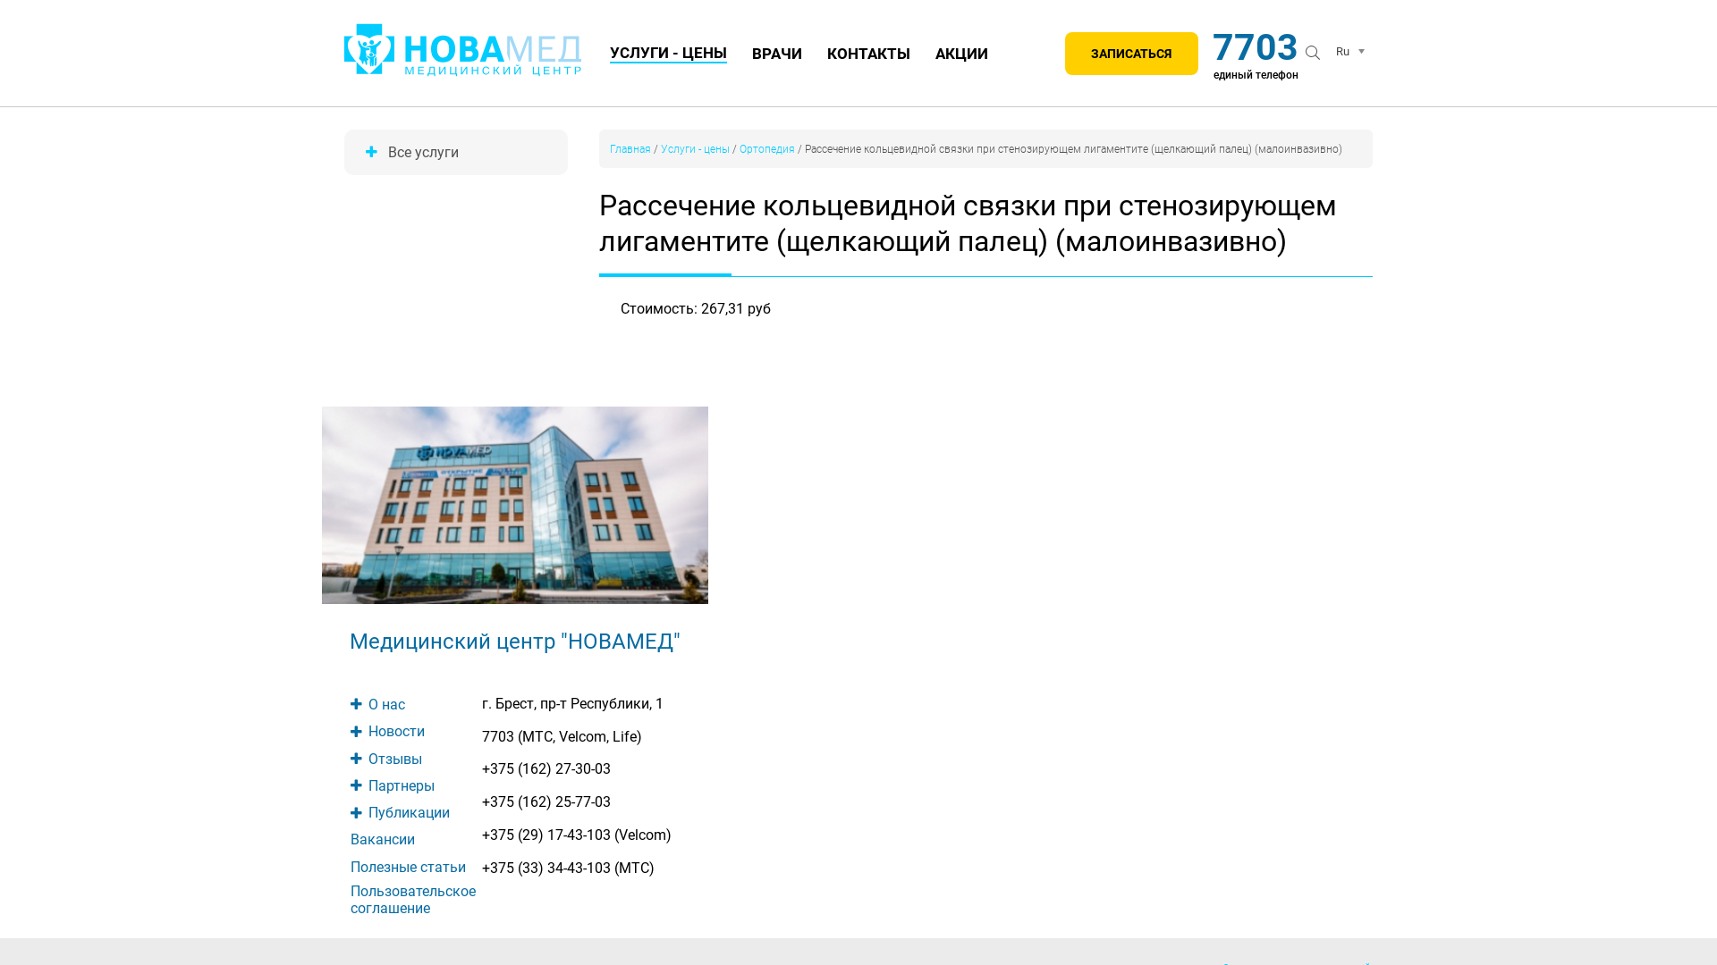 The height and width of the screenshot is (965, 1717). I want to click on 'Ru', so click(1348, 53).